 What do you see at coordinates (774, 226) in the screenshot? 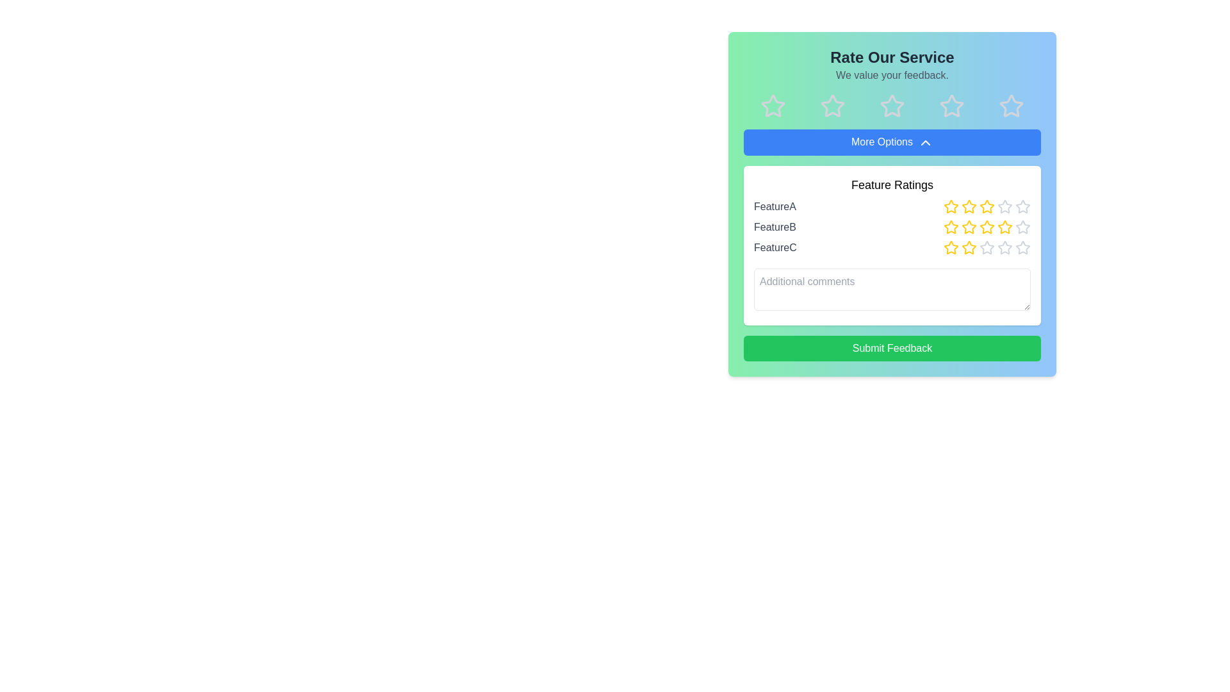
I see `the second Text Label in the 'Feature Ratings' section, which is positioned between 'FeatureA' and 'FeatureC'` at bounding box center [774, 226].